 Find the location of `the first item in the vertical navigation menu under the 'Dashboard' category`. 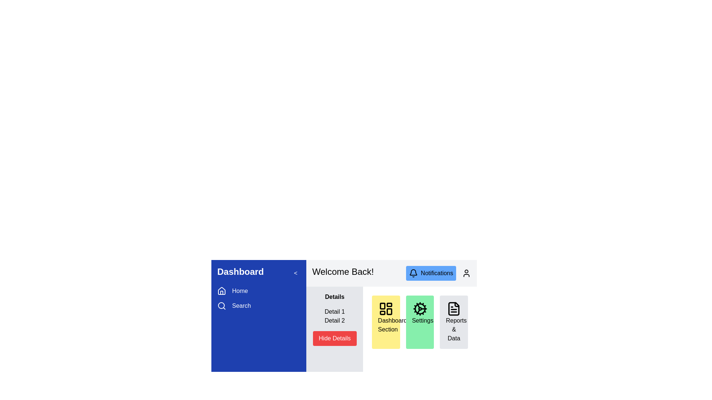

the first item in the vertical navigation menu under the 'Dashboard' category is located at coordinates (258, 291).